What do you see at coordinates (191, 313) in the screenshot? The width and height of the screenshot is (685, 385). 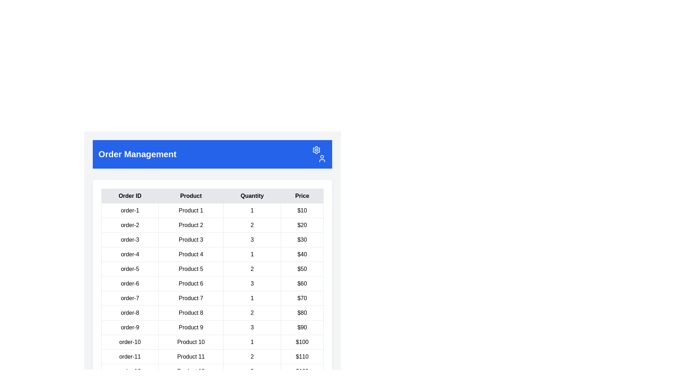 I see `the table cell displaying the product name for order-8, which is located in the second column under the 'Product' header, to gain context by clicking on it` at bounding box center [191, 313].